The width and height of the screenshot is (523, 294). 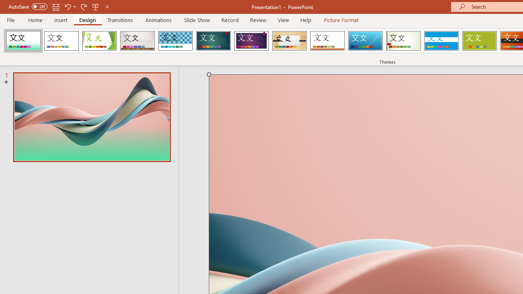 What do you see at coordinates (403, 41) in the screenshot?
I see `'Wisp'` at bounding box center [403, 41].